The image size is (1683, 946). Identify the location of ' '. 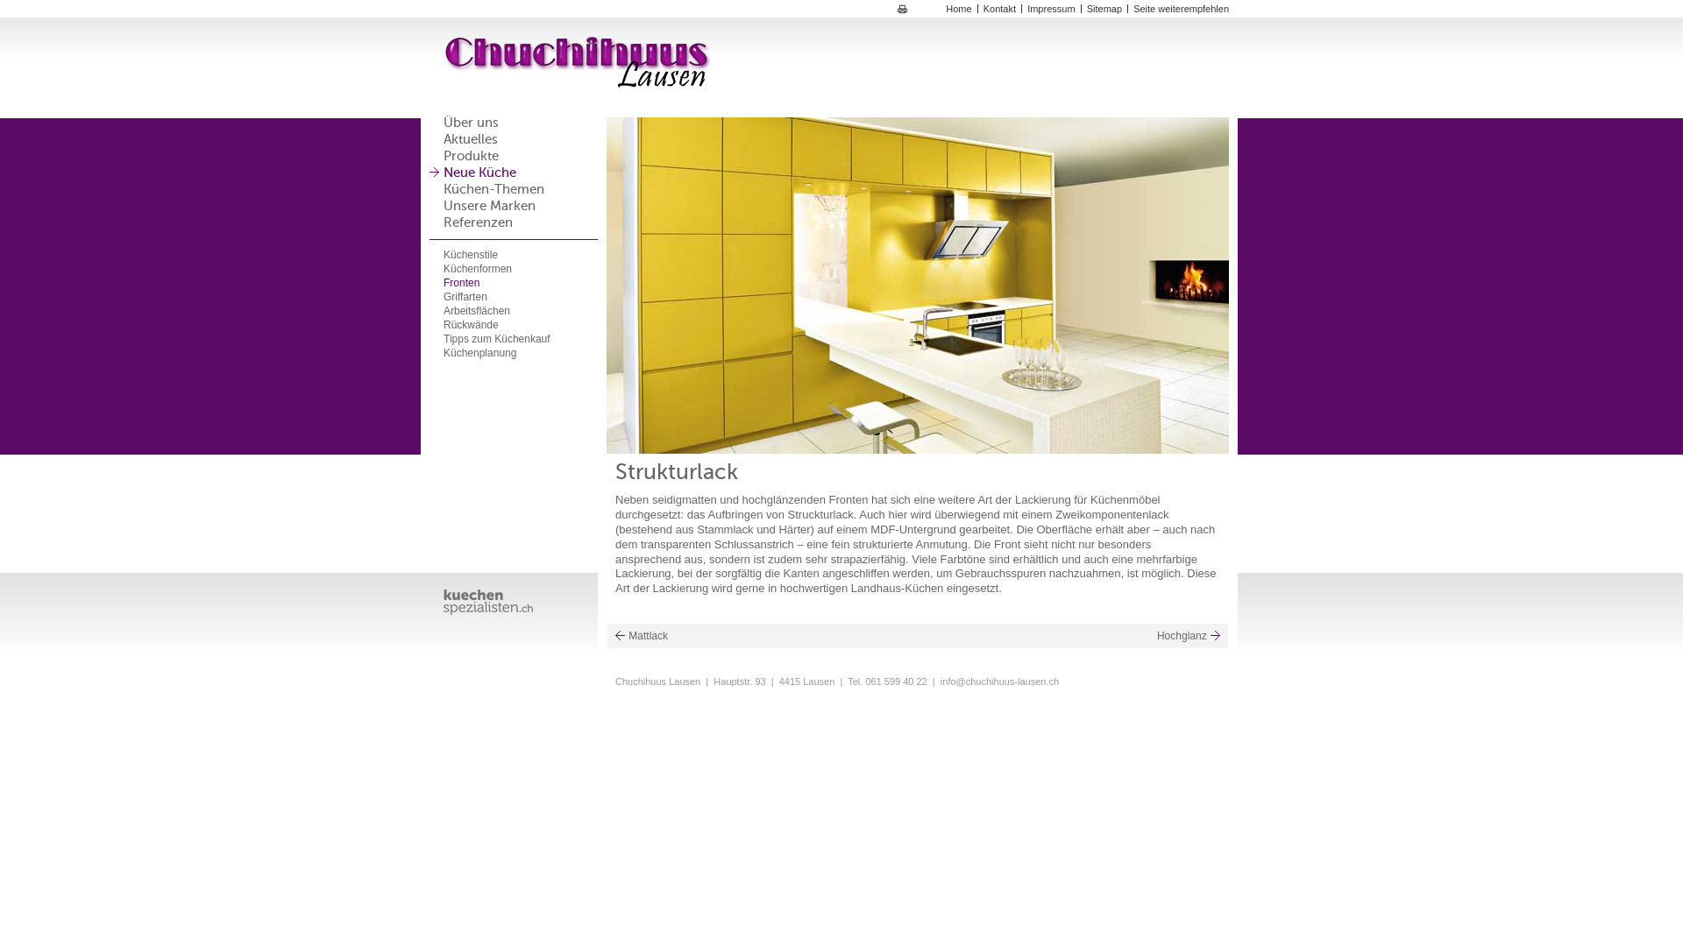
(494, 601).